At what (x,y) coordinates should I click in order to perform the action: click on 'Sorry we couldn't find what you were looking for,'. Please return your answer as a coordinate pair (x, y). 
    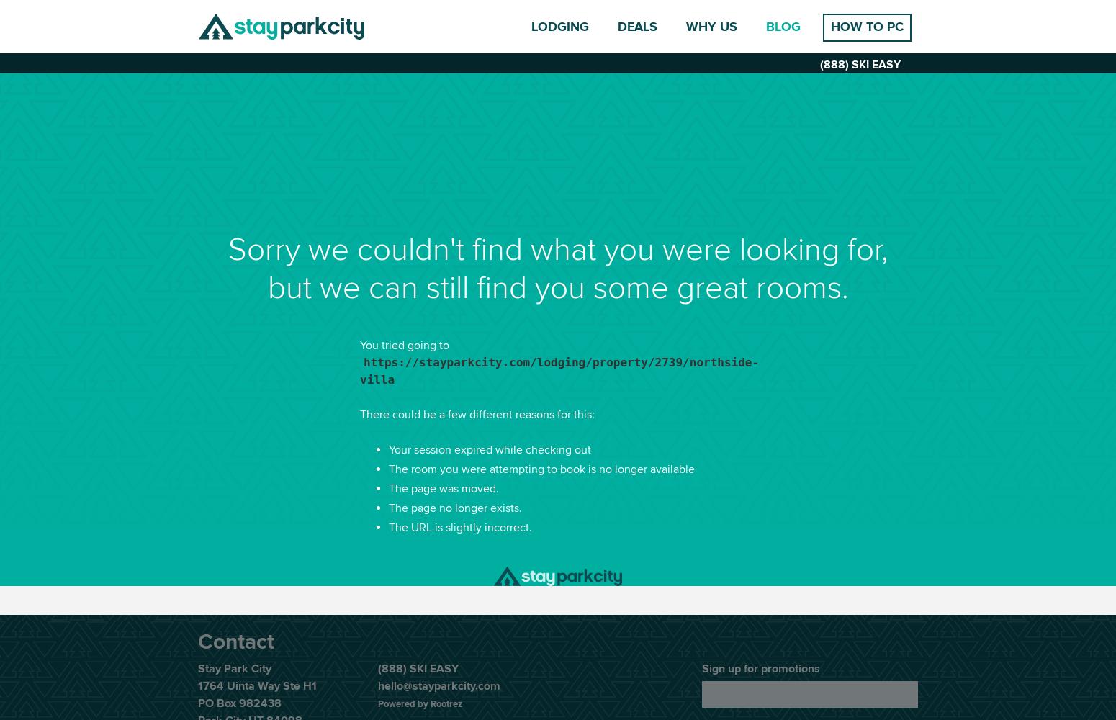
    Looking at the image, I should click on (557, 249).